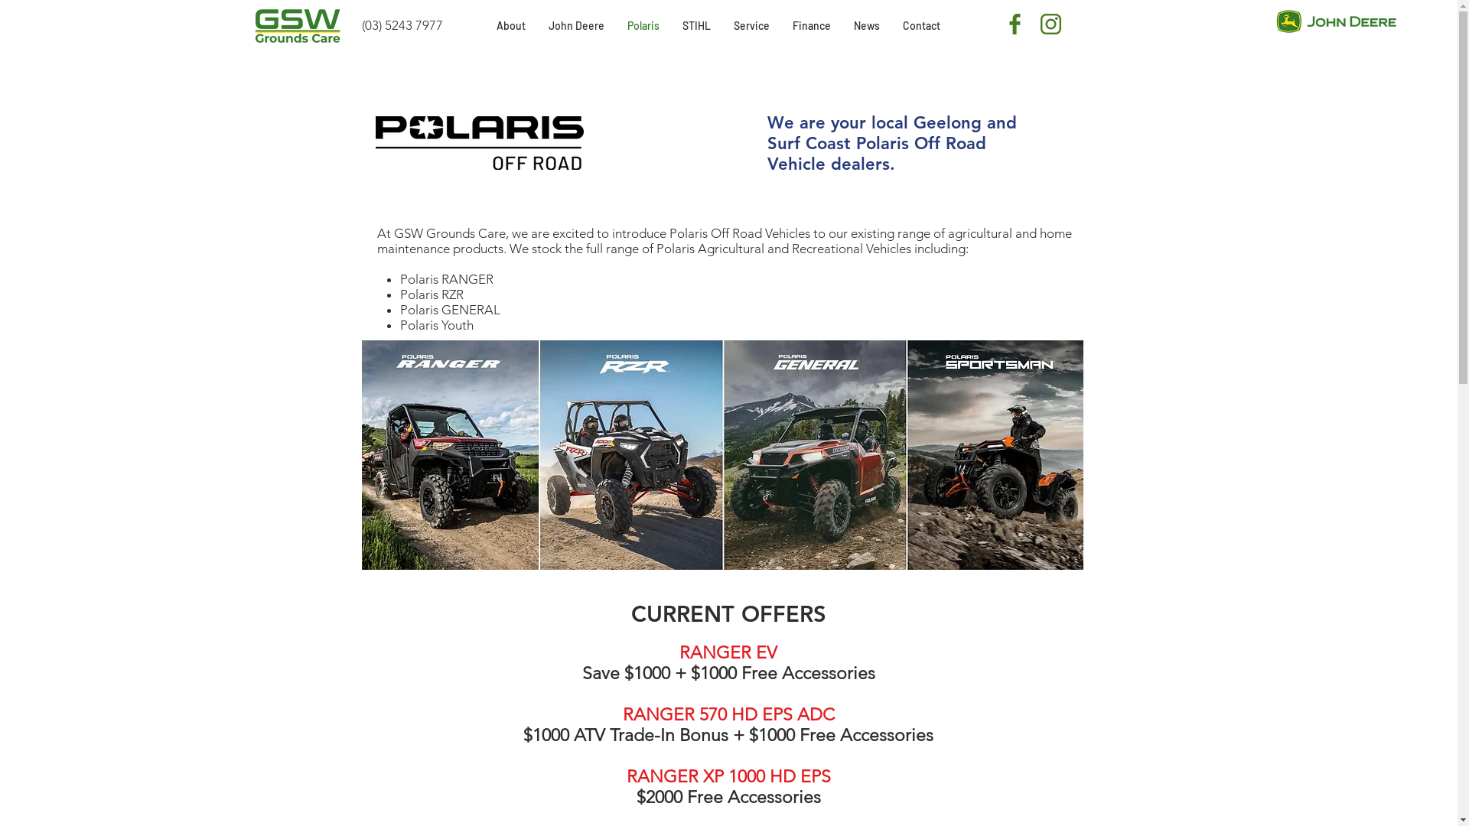  I want to click on 'Contact', so click(920, 25).